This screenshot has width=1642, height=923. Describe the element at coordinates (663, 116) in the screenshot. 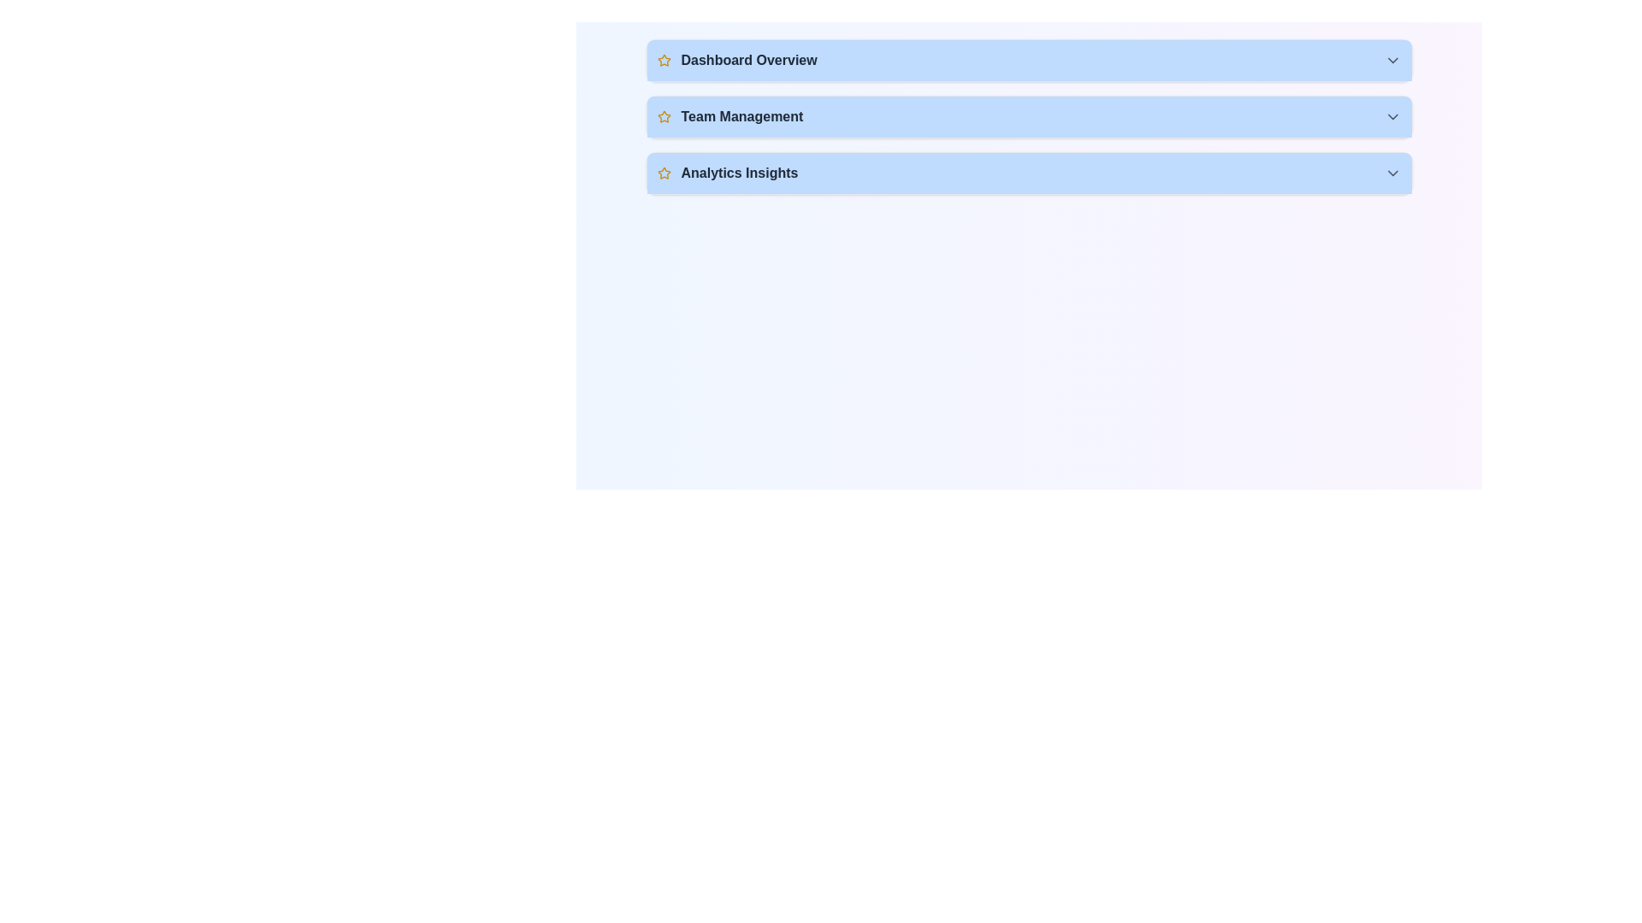

I see `the golden yellow star-shaped icon to mark it as favorite or rate, located to the left of the 'Team Management' text` at that location.